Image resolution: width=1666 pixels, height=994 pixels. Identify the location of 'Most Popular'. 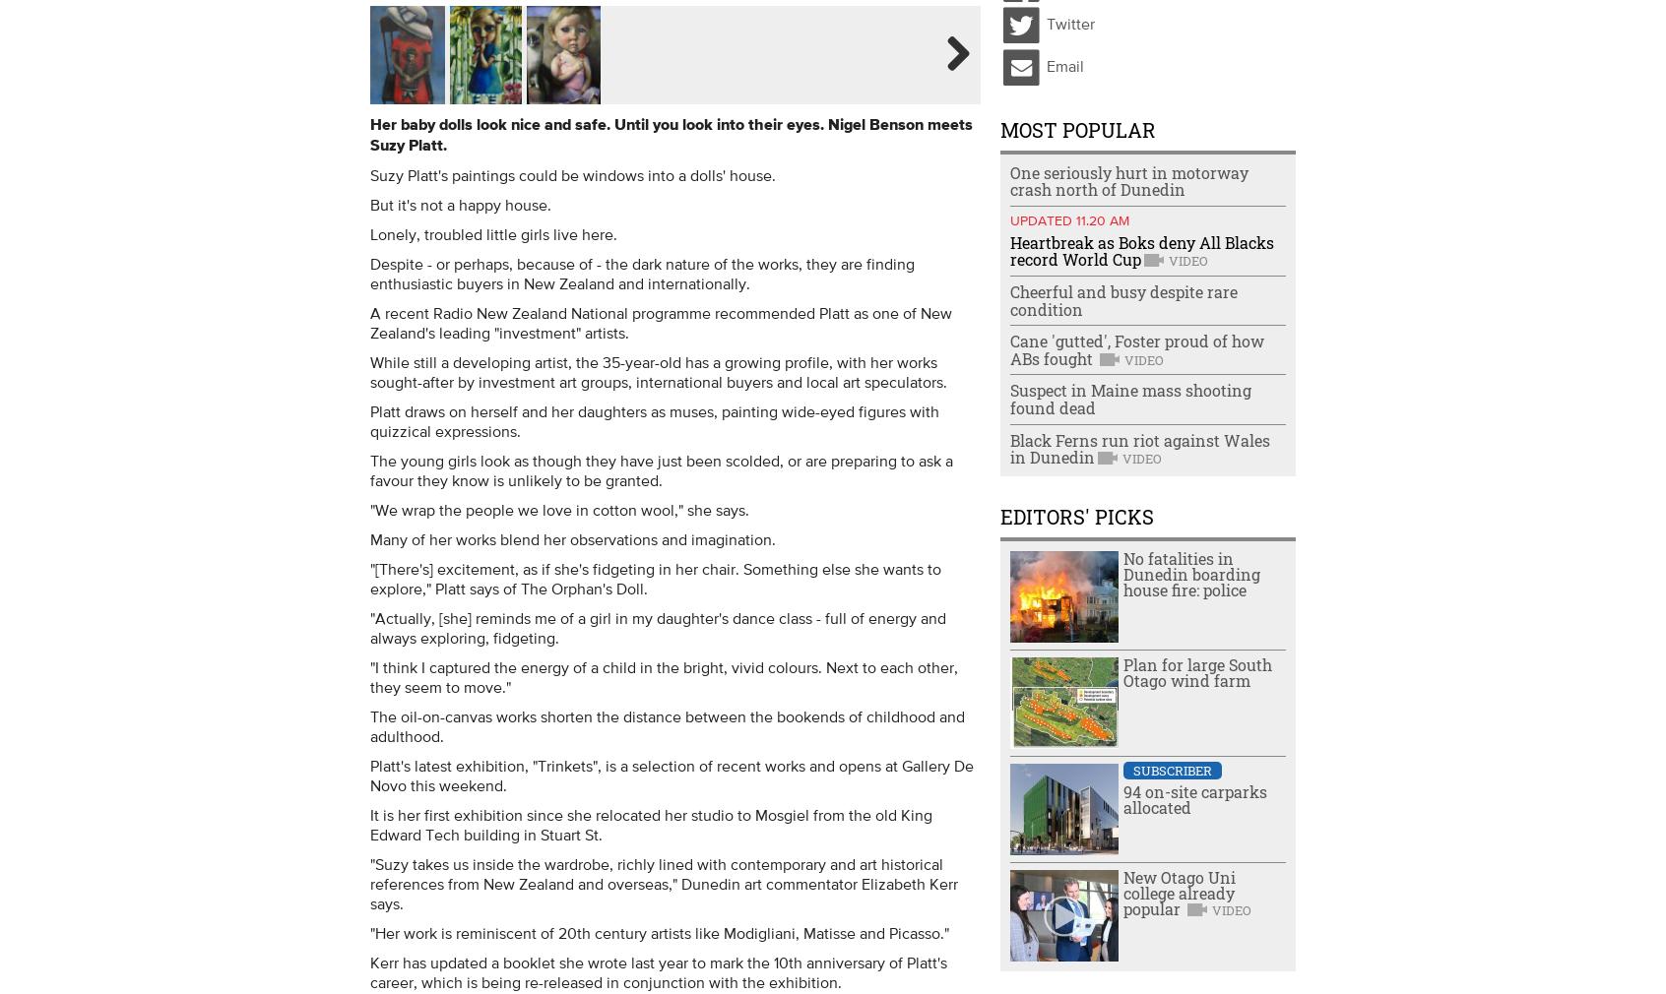
(1077, 127).